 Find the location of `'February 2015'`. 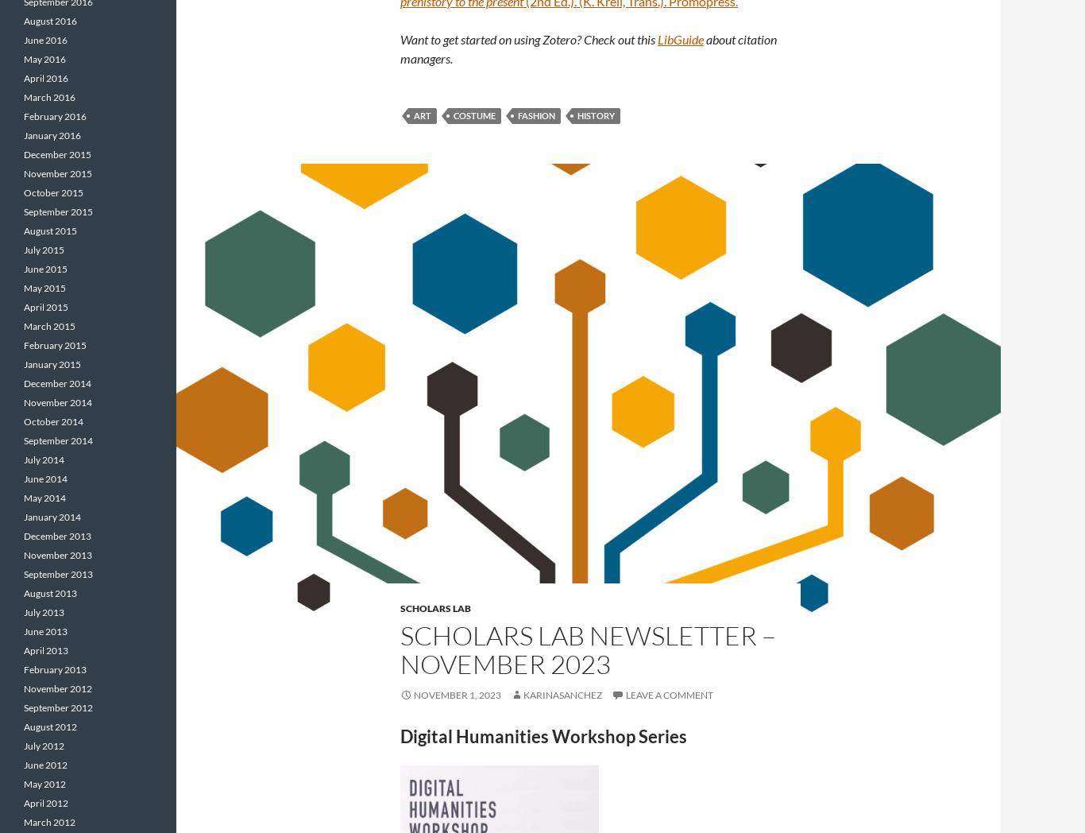

'February 2015' is located at coordinates (55, 345).